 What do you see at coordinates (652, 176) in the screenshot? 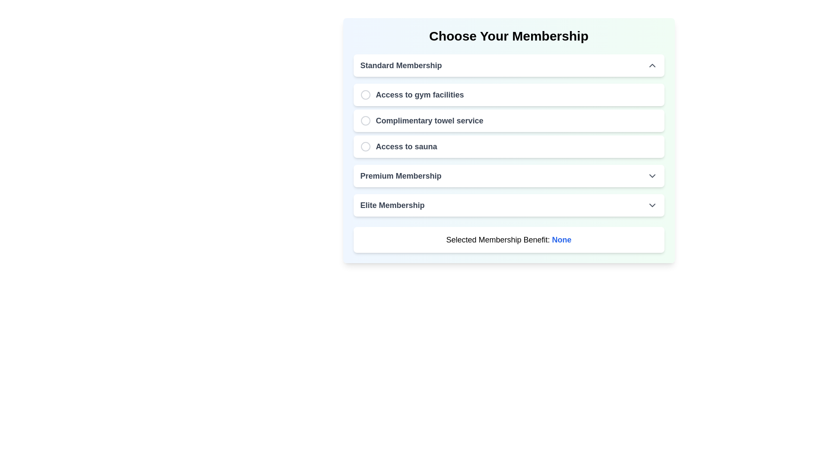
I see `the small gray downward-pointing chevron icon located on the right-hand side of the 'Premium Membership' section` at bounding box center [652, 176].